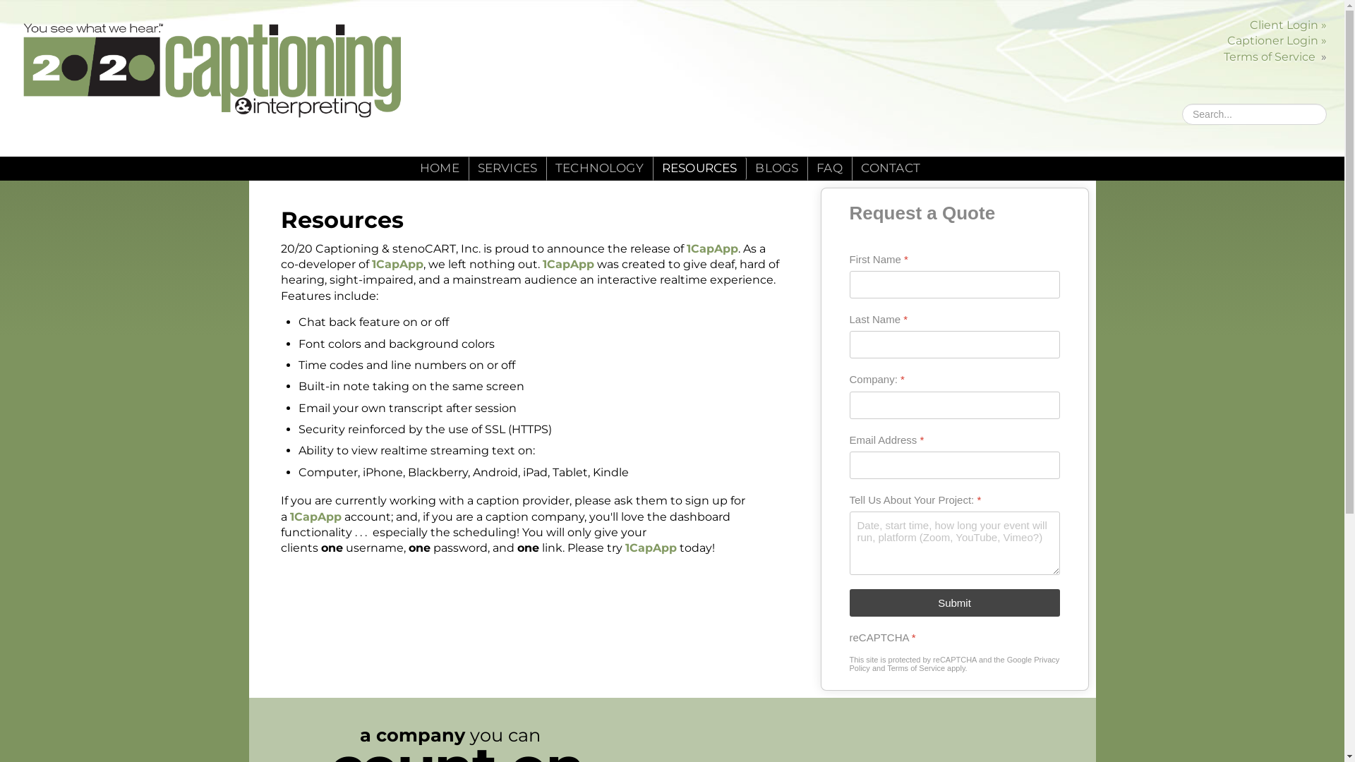  What do you see at coordinates (567, 264) in the screenshot?
I see `'1CapApp'` at bounding box center [567, 264].